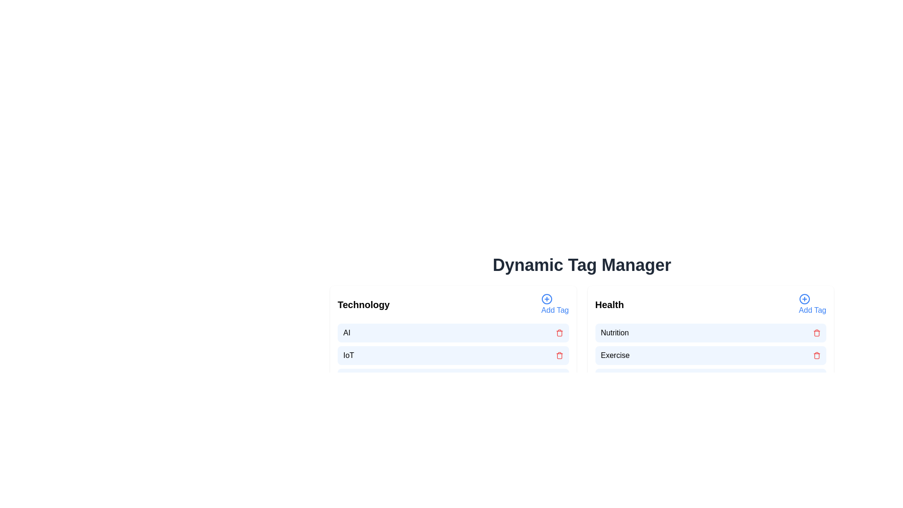 The image size is (903, 508). What do you see at coordinates (348, 356) in the screenshot?
I see `the 'IoT' text label located in the Technology section, positioned beneath the 'AI' tag` at bounding box center [348, 356].